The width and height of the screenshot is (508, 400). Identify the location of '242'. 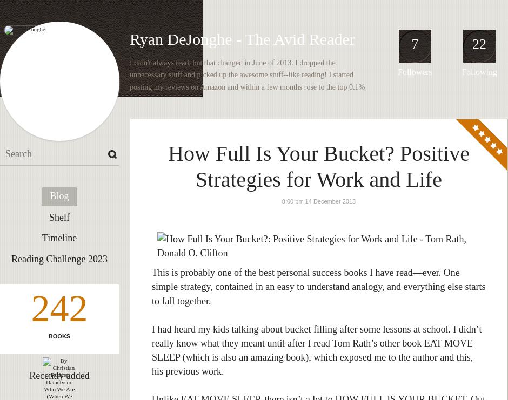
(30, 308).